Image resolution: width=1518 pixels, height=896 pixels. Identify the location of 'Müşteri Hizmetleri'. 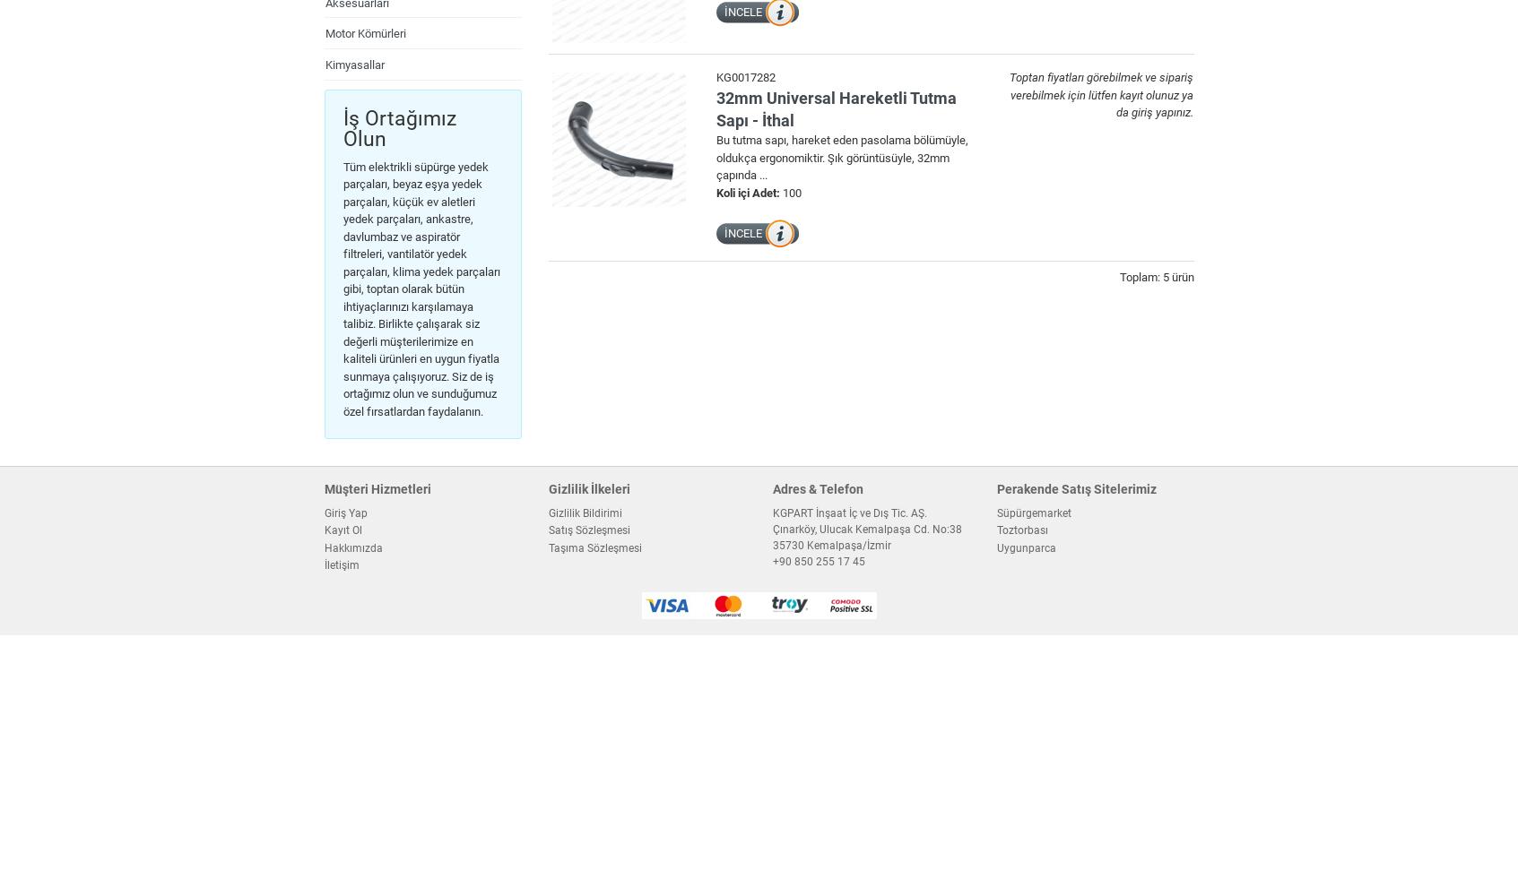
(323, 488).